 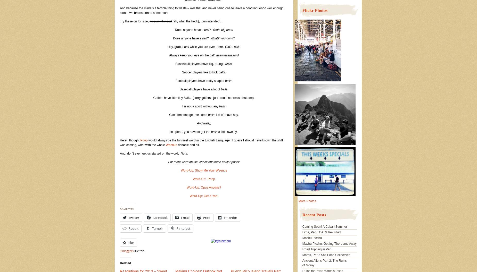 I want to click on 'would always be the funniest word in the English Language.  I guess I should have known the shift was coming, what with the whole', so click(x=201, y=142).